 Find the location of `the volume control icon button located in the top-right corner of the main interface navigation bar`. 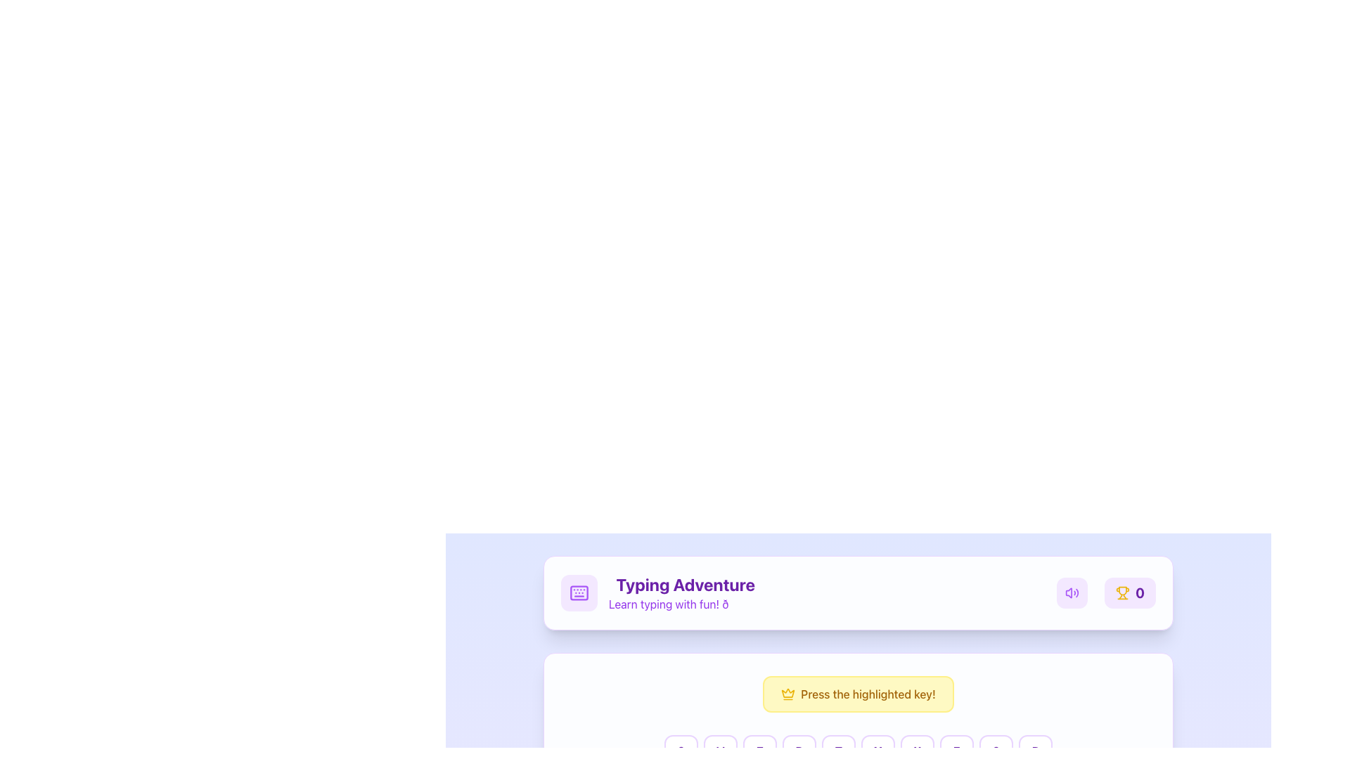

the volume control icon button located in the top-right corner of the main interface navigation bar is located at coordinates (1071, 593).